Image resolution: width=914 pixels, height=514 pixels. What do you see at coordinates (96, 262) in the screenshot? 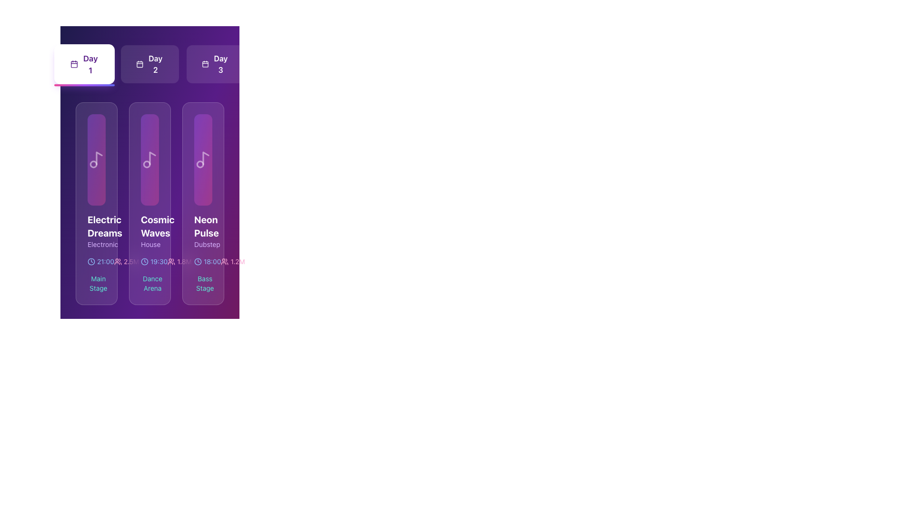
I see `text accompanying the clock icon located at the bottom of the 'Electric Dreams' card, which features a blue font color and is positioned leftmost among similar components` at bounding box center [96, 262].